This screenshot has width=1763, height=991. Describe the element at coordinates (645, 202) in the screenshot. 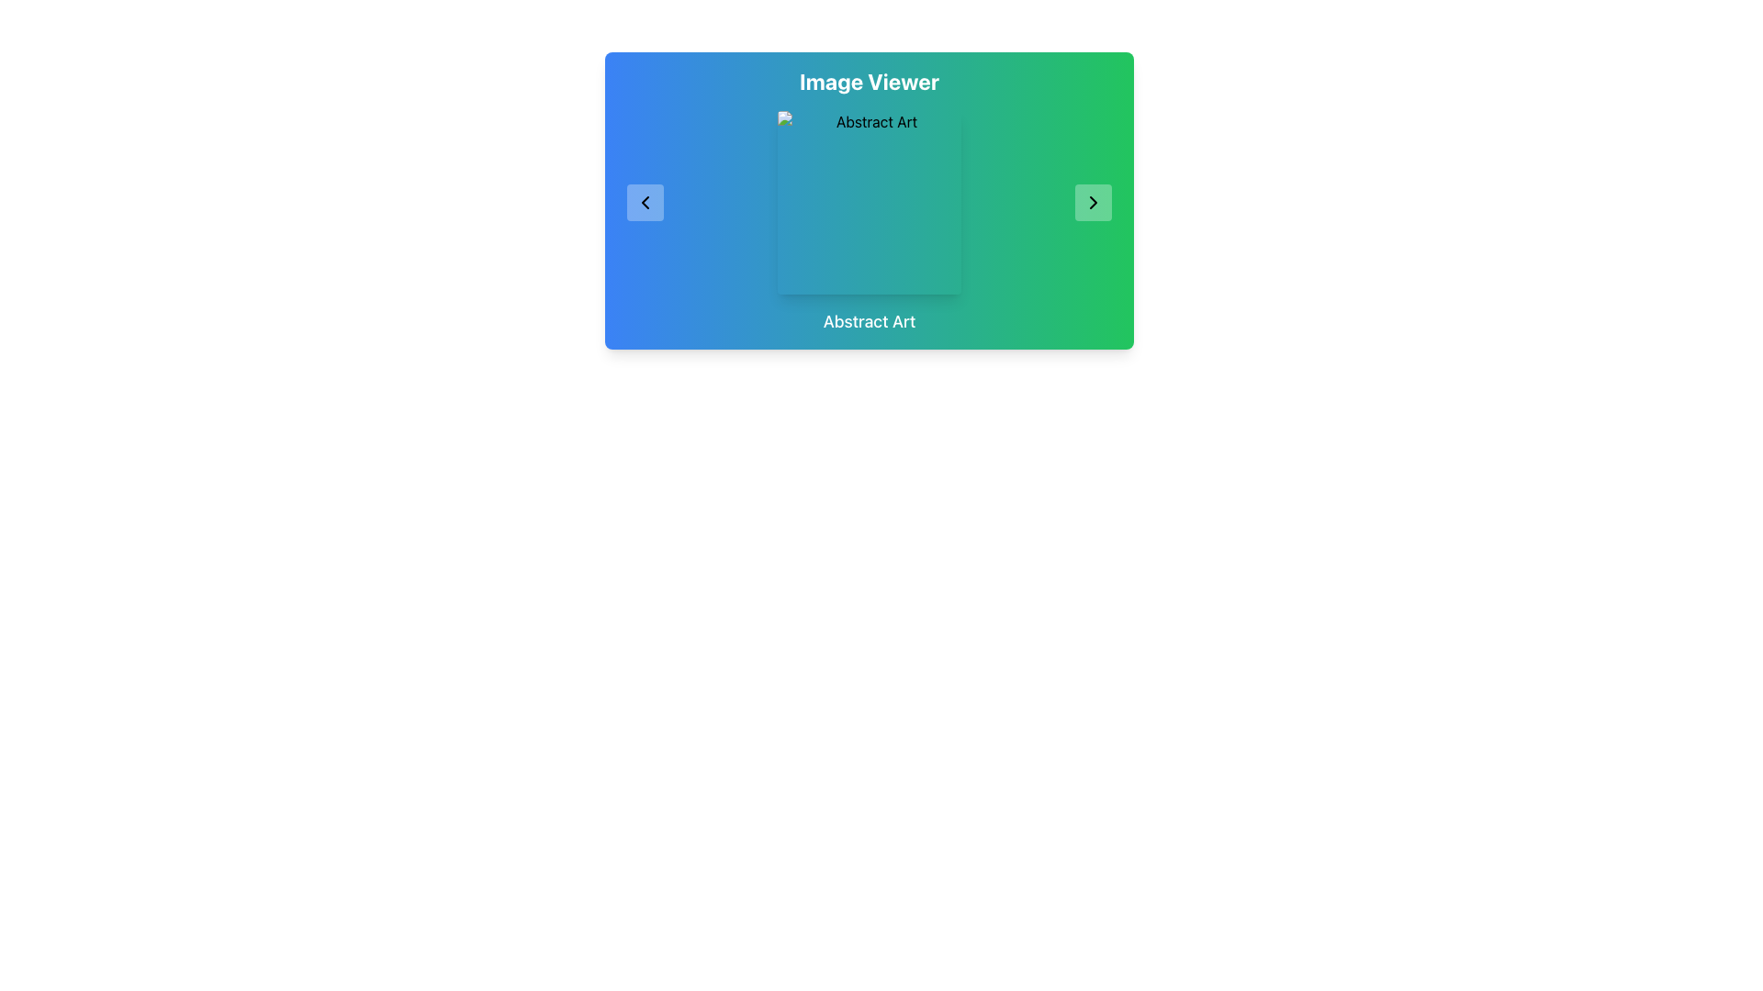

I see `the left-pointing chevron button with a circular semi-transparent white background` at that location.